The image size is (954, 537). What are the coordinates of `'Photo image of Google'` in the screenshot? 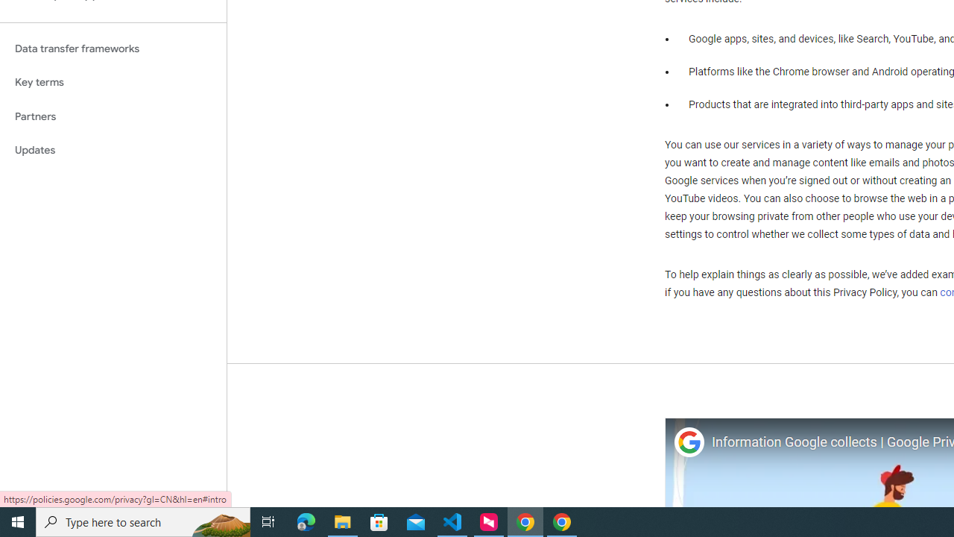 It's located at (688, 442).